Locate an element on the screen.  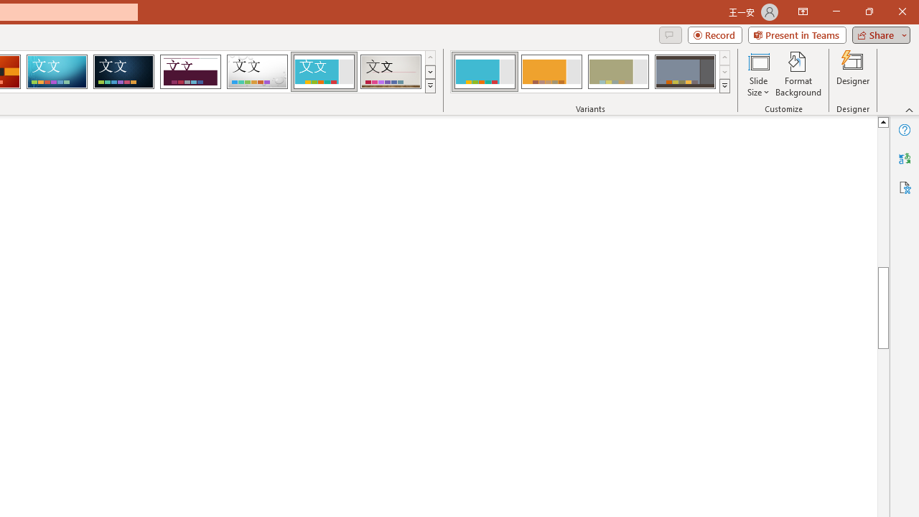
'Variants' is located at coordinates (724, 86).